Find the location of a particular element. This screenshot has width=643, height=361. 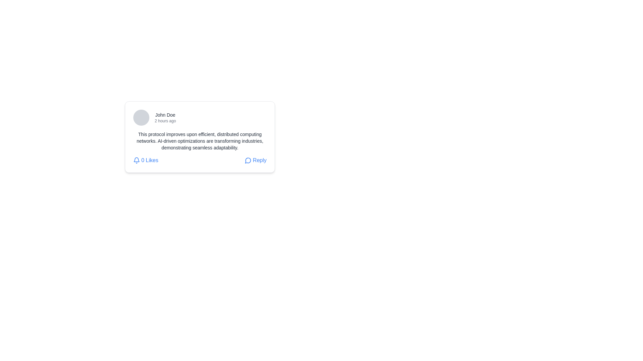

the notification bell icon, which is a minimalist design featuring a hollow interior and rounded edges, located at the bottom left of the user comment card is located at coordinates (136, 159).